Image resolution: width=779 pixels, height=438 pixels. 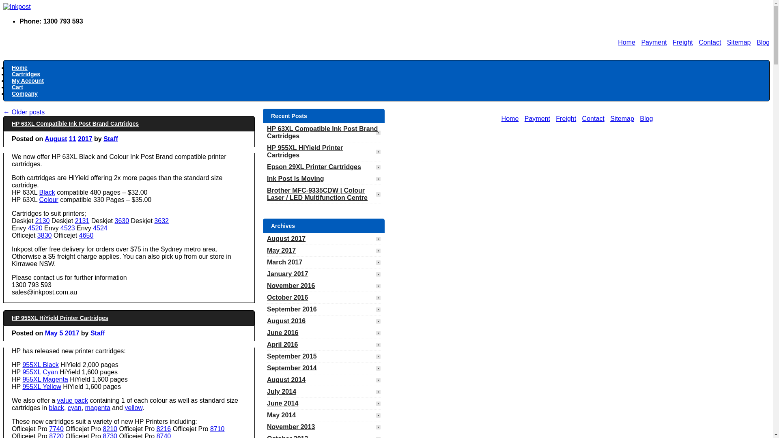 I want to click on 'Ink Post Is Moving', so click(x=267, y=178).